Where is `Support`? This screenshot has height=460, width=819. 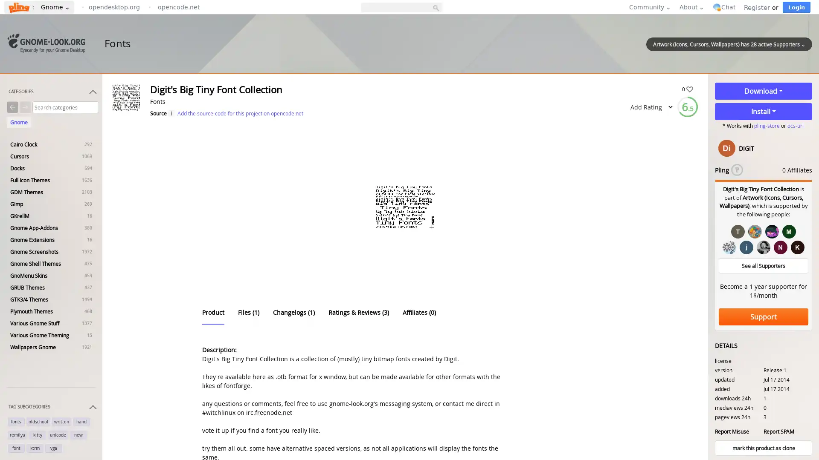 Support is located at coordinates (764, 317).